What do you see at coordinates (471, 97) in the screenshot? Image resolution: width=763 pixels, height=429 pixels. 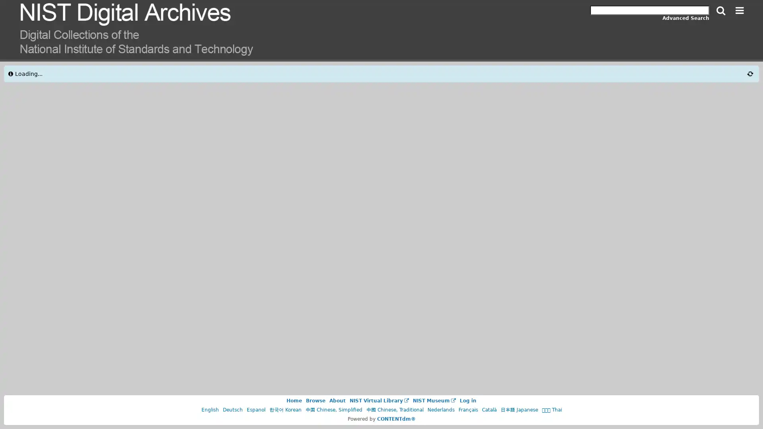 I see `Page 3` at bounding box center [471, 97].